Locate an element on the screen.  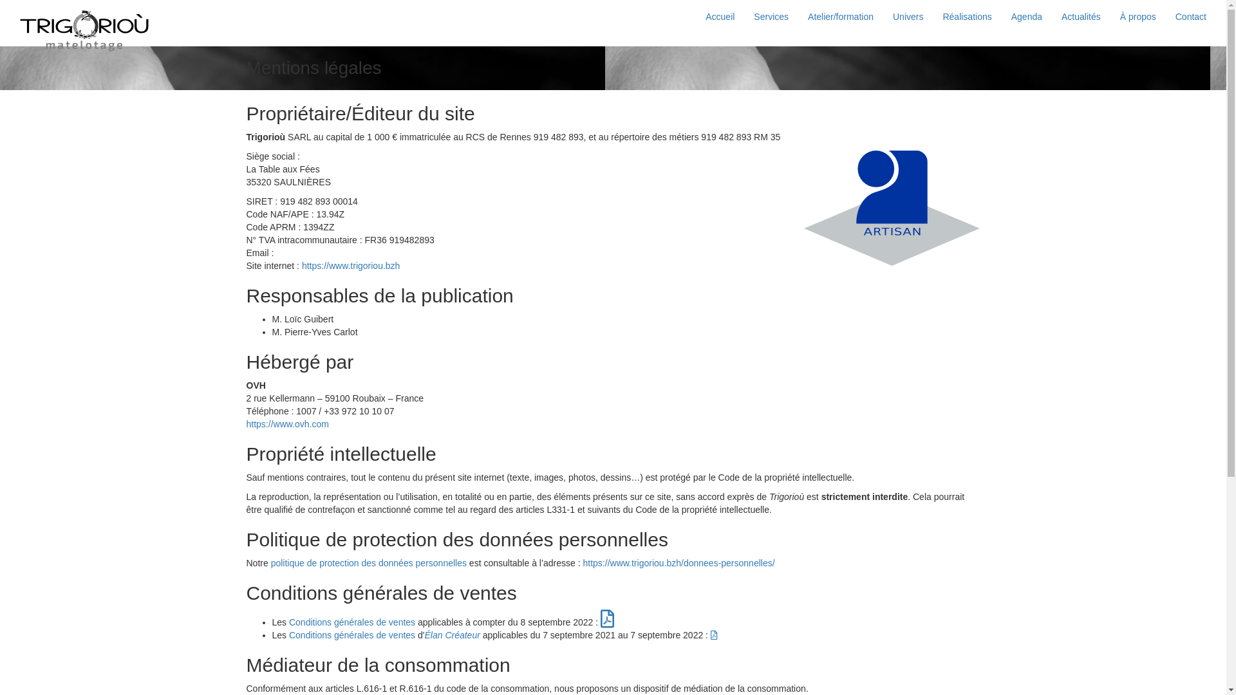
'Services' is located at coordinates (771, 17).